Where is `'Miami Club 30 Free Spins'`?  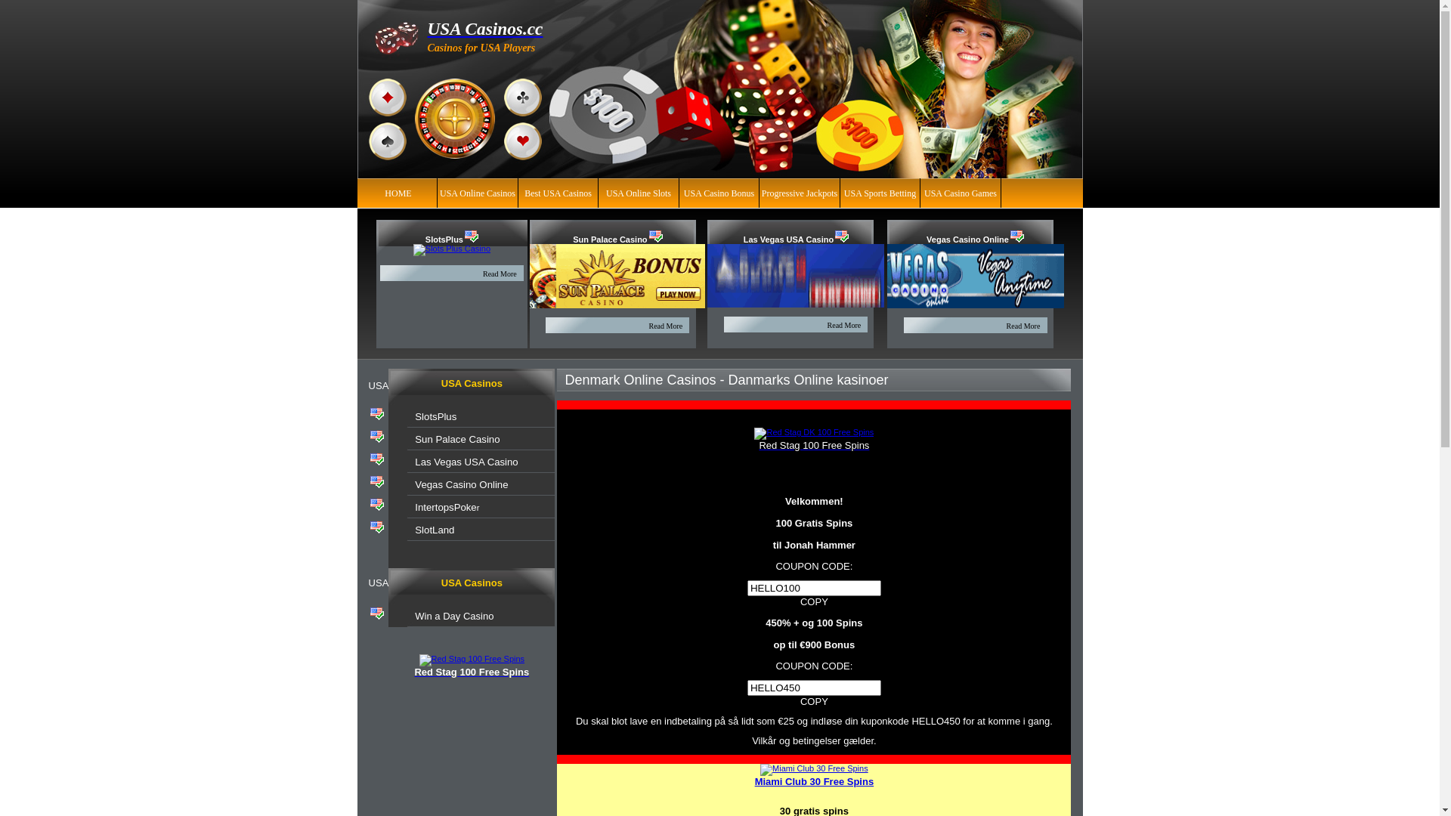
'Miami Club 30 Free Spins' is located at coordinates (814, 781).